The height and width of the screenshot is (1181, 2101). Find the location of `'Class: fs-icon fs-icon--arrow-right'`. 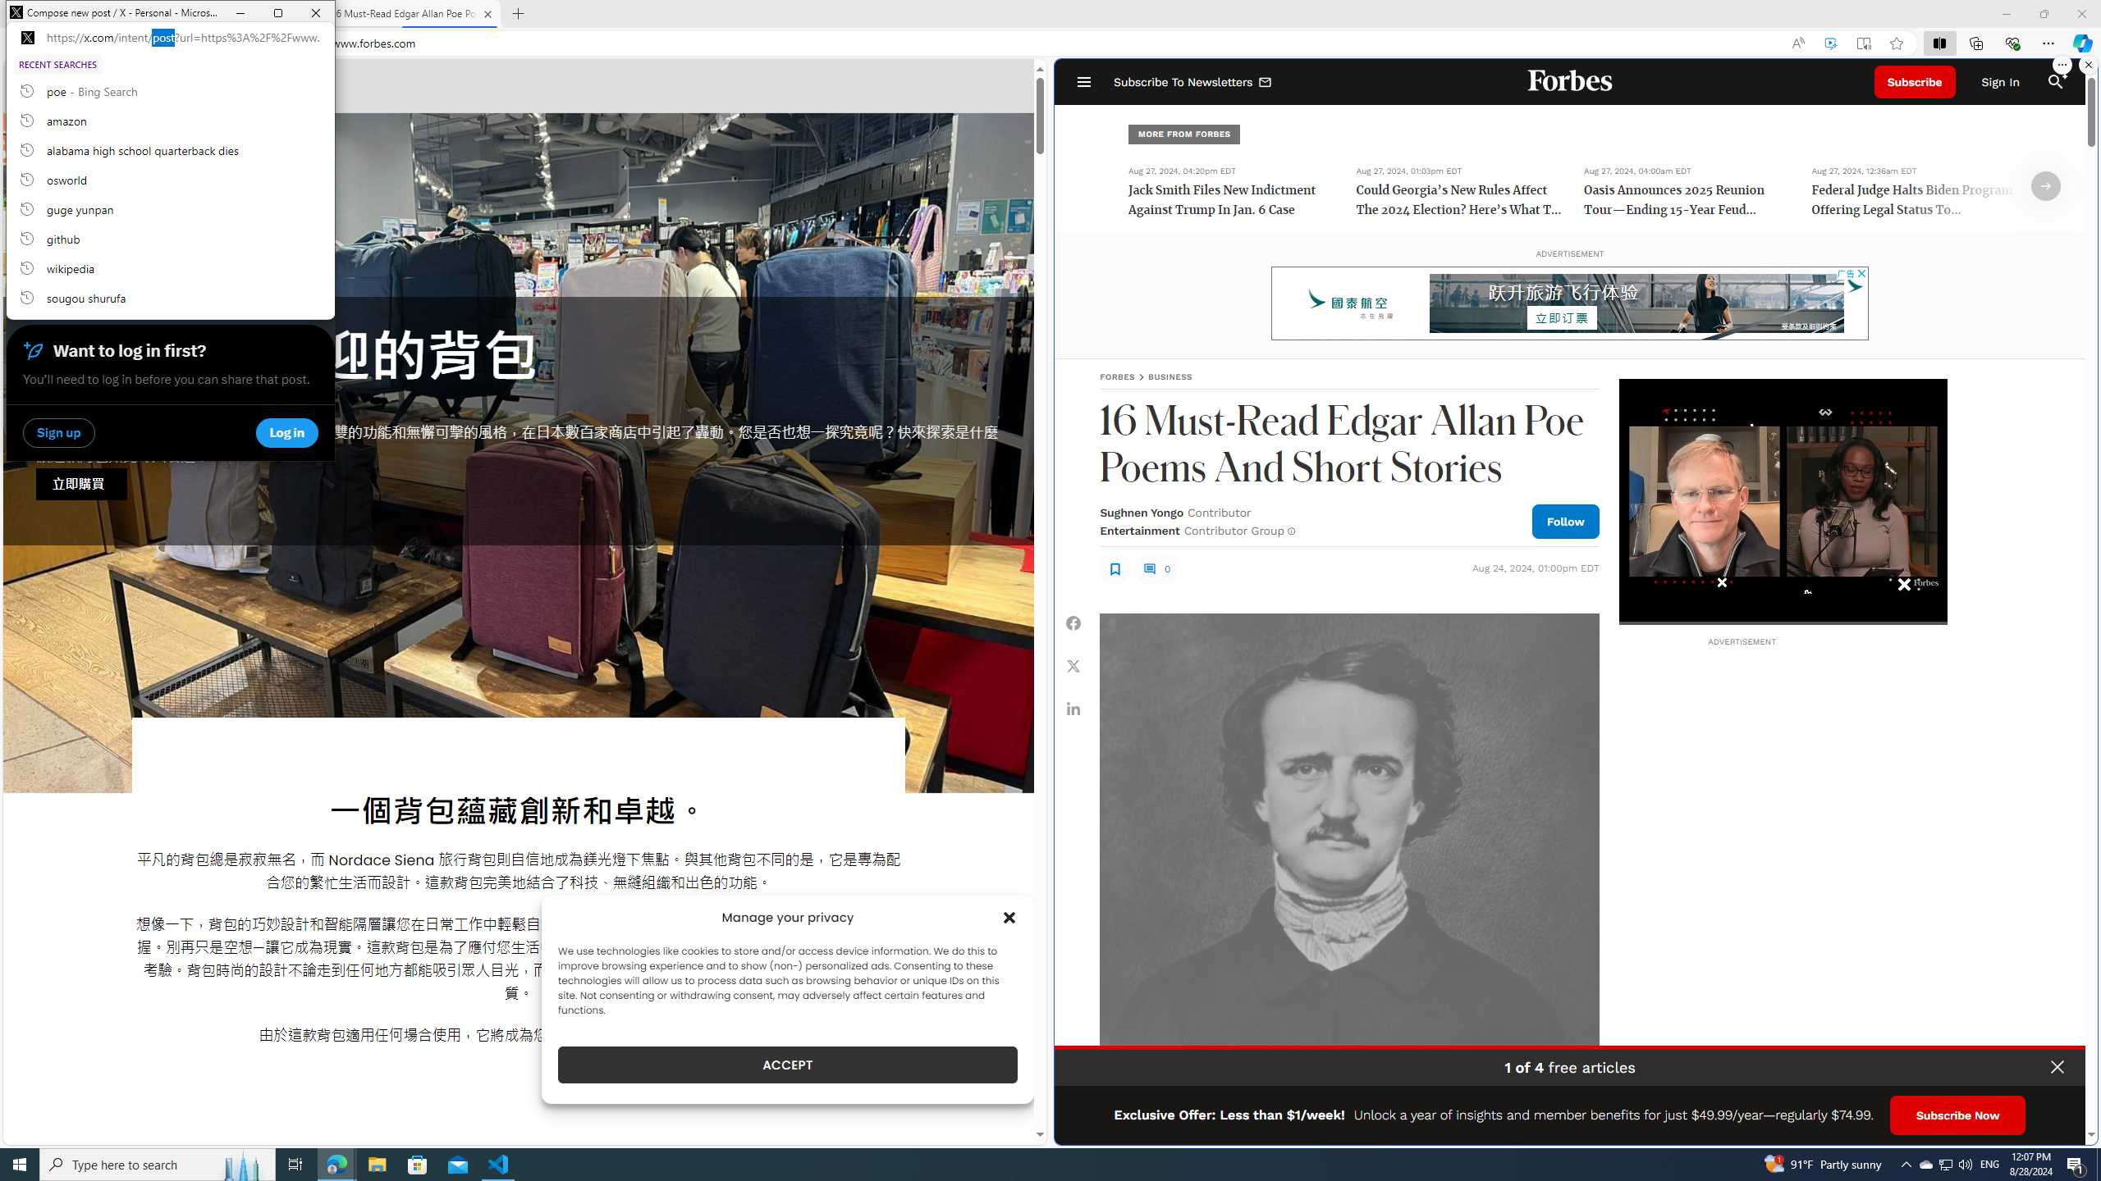

'Class: fs-icon fs-icon--arrow-right' is located at coordinates (2045, 185).